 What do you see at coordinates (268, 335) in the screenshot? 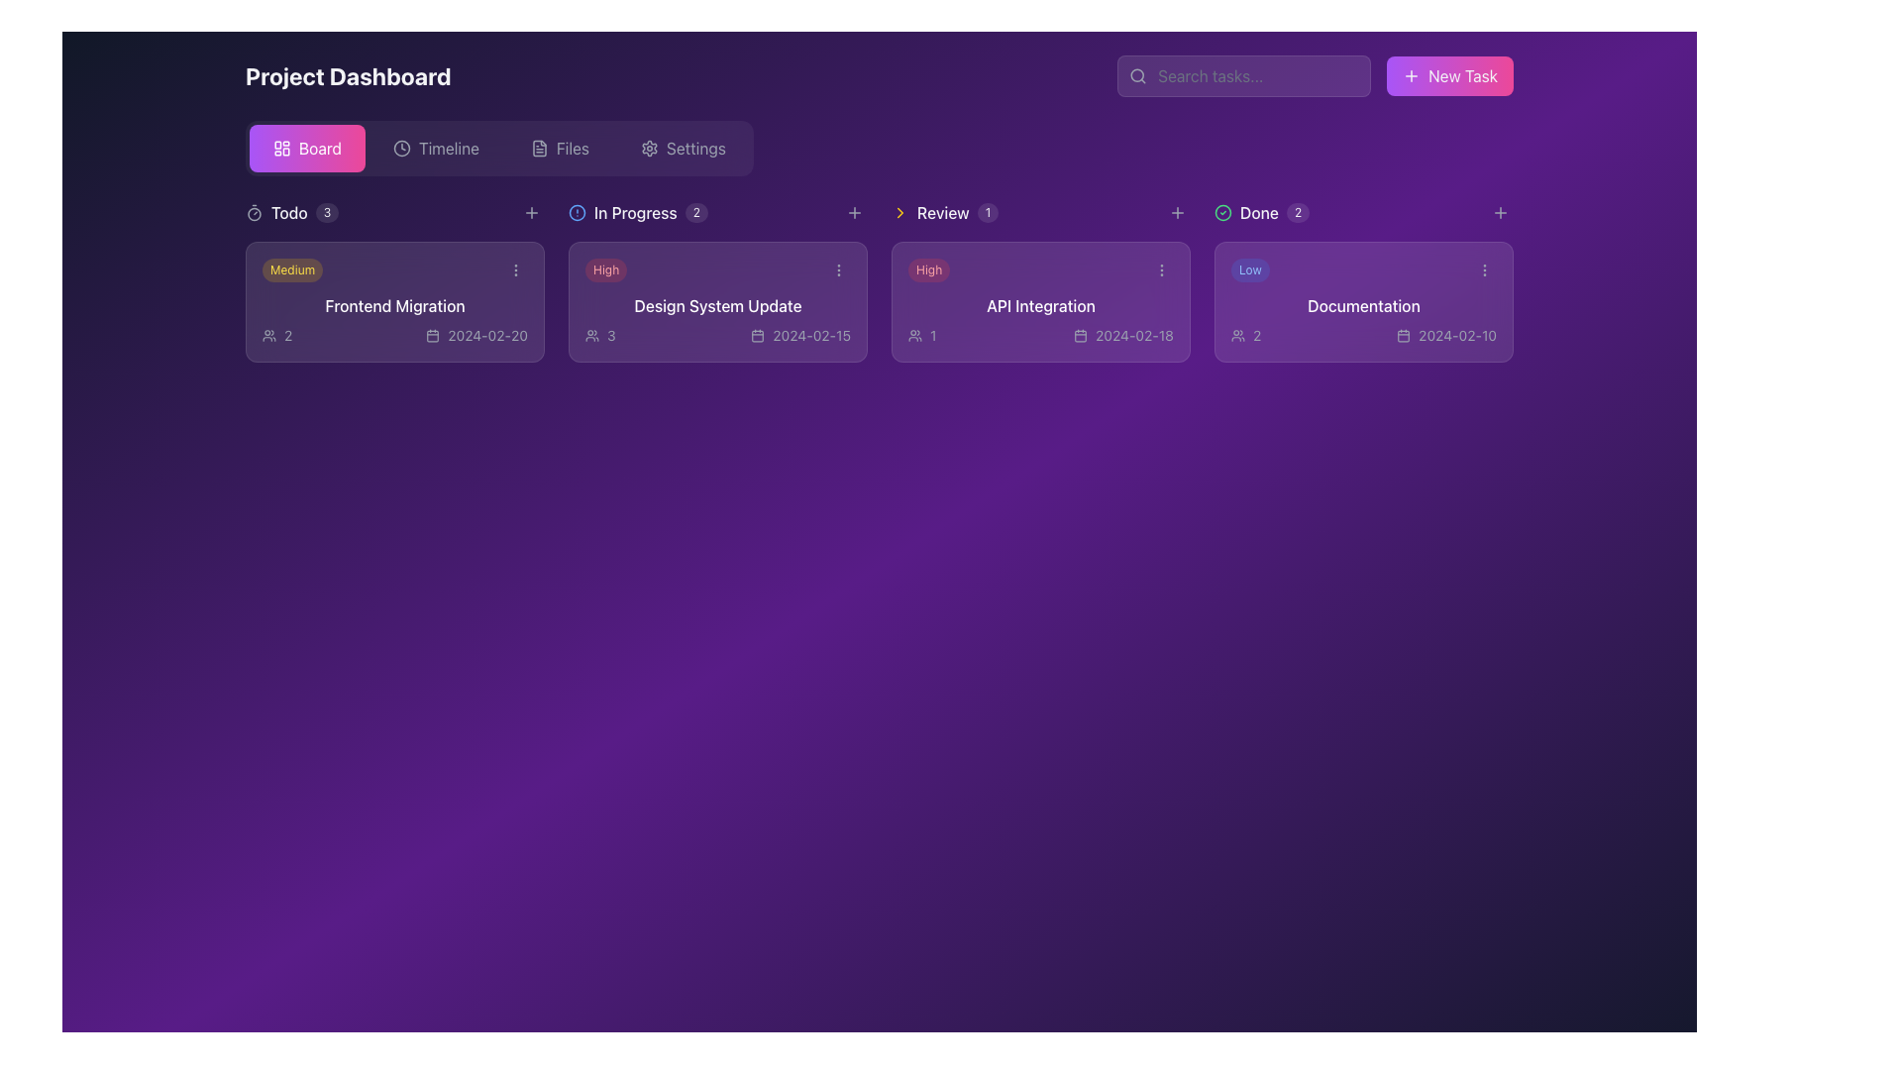
I see `the user group icon located within the 'Frontend Migration' task card in the 'Todo' column of the dashboard, situated to the left of the text '2'` at bounding box center [268, 335].